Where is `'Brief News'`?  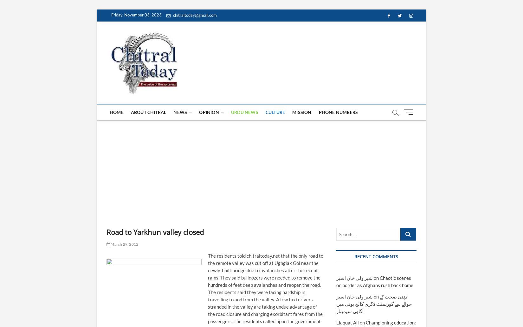 'Brief News' is located at coordinates (174, 158).